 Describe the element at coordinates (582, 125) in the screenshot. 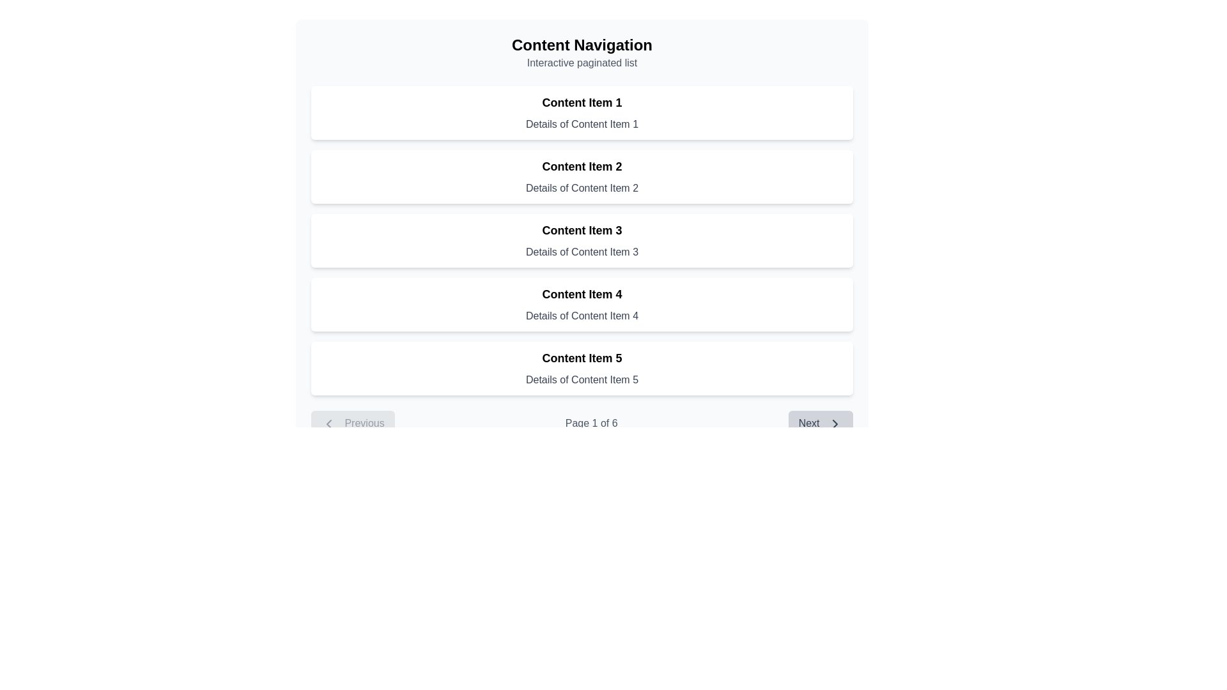

I see `the static text label reading 'Details of Content Item 1', which is styled in gray and positioned beneath the title 'Content Item 1'` at that location.